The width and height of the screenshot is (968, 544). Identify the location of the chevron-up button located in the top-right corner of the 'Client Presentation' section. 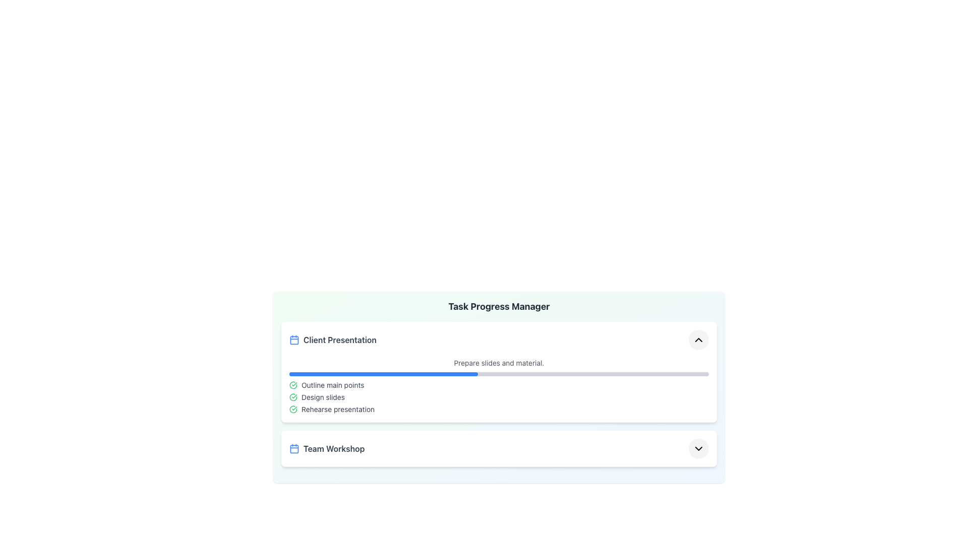
(698, 340).